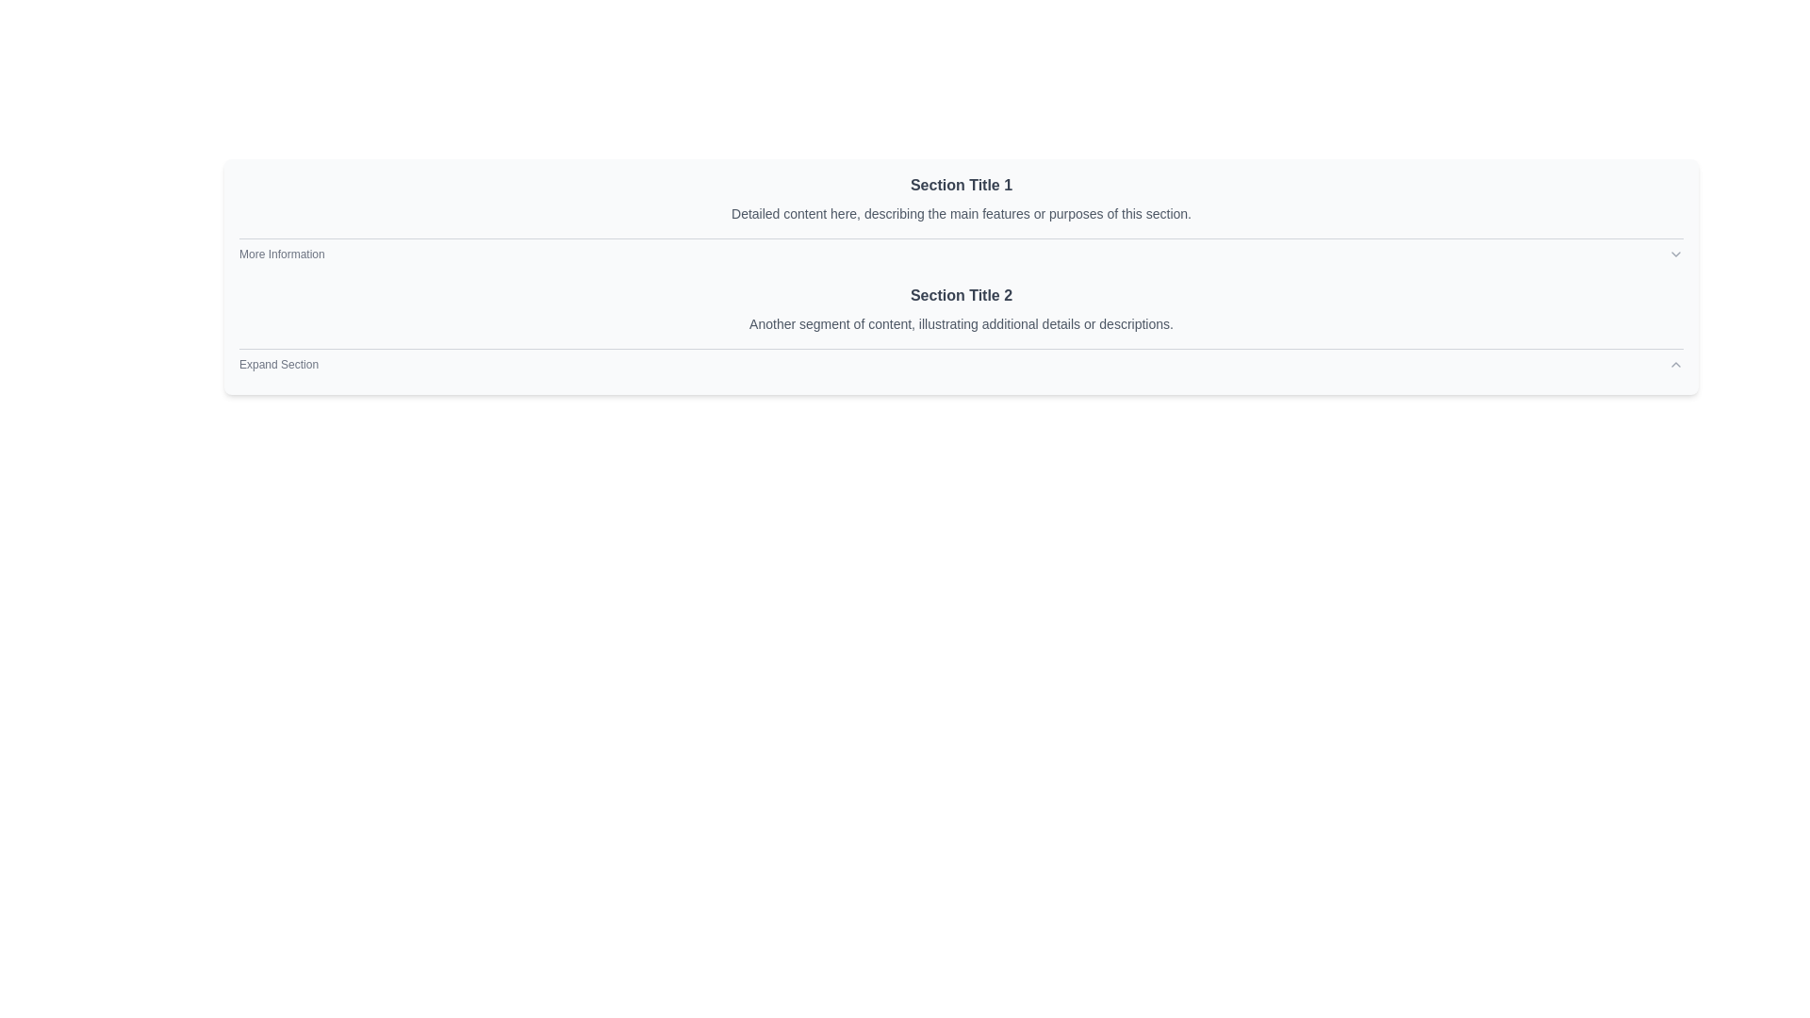  Describe the element at coordinates (278, 364) in the screenshot. I see `the Text Label located in the footer of 'Section Title 2', which indicates the function of the adjacent chevron icon for expanding or collapsing the section` at that location.